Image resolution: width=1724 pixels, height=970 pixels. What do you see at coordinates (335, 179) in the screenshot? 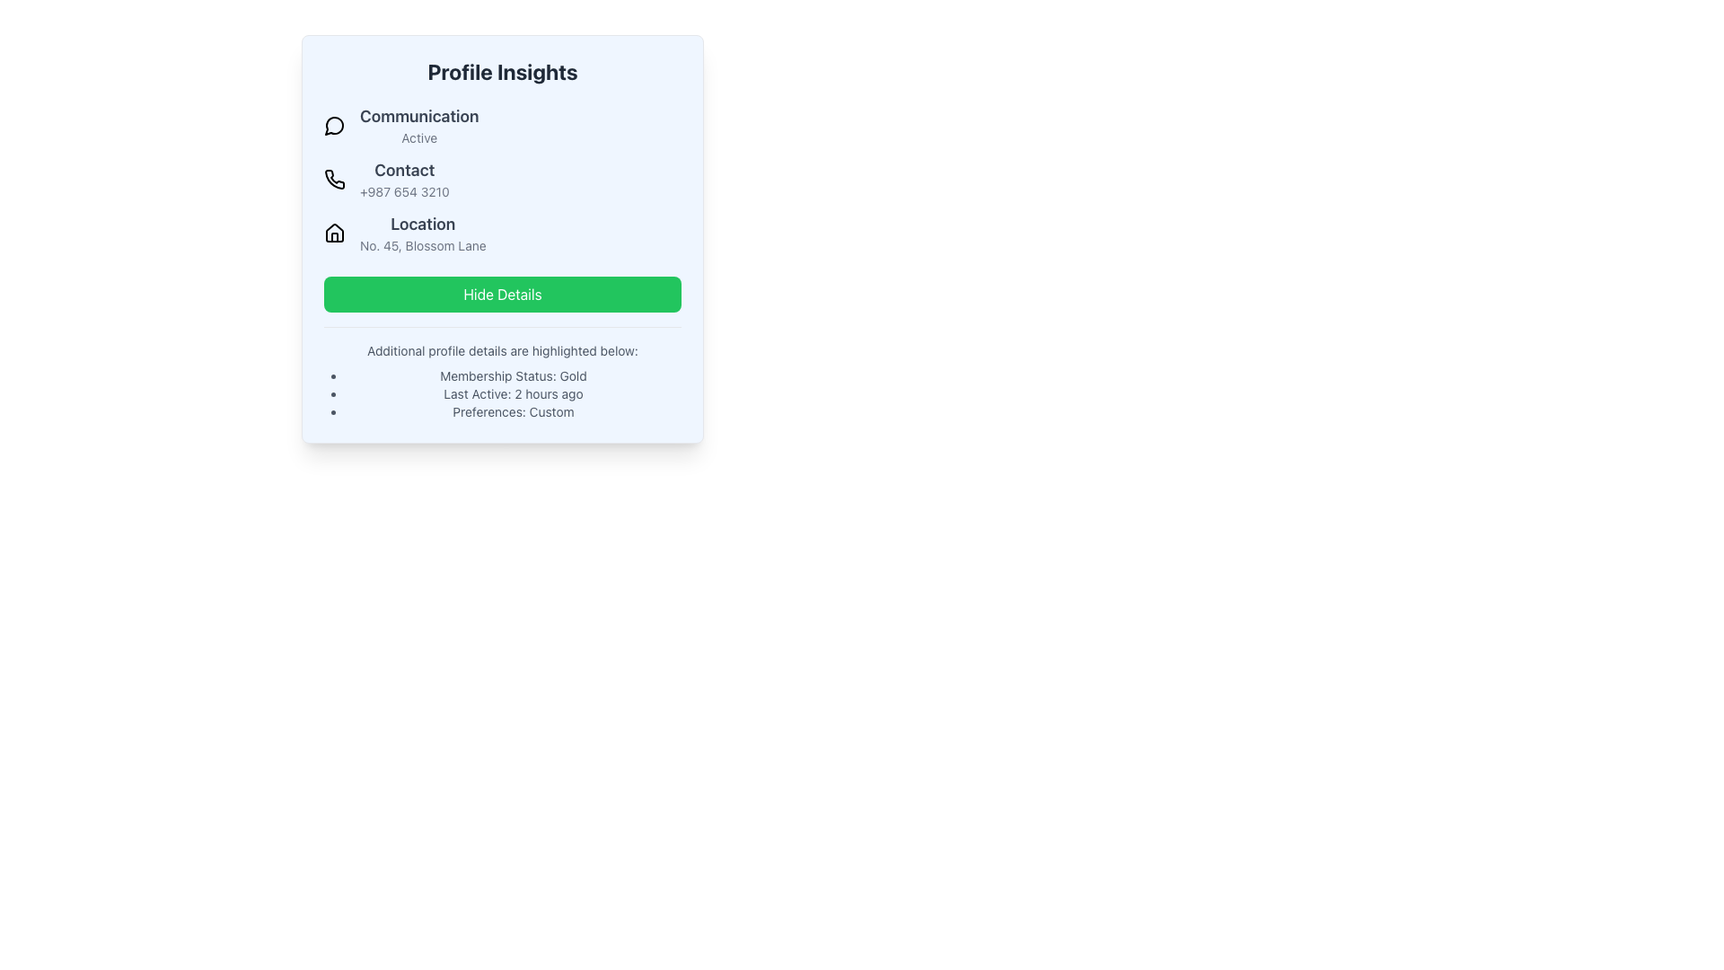
I see `the small phone icon with a minimalist outline located next to the 'Contact' label in the profile summary card for interaction` at bounding box center [335, 179].